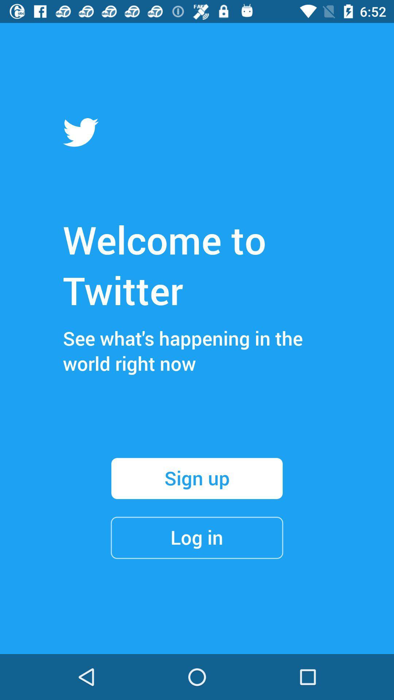 Image resolution: width=394 pixels, height=700 pixels. What do you see at coordinates (197, 538) in the screenshot?
I see `the log in icon` at bounding box center [197, 538].